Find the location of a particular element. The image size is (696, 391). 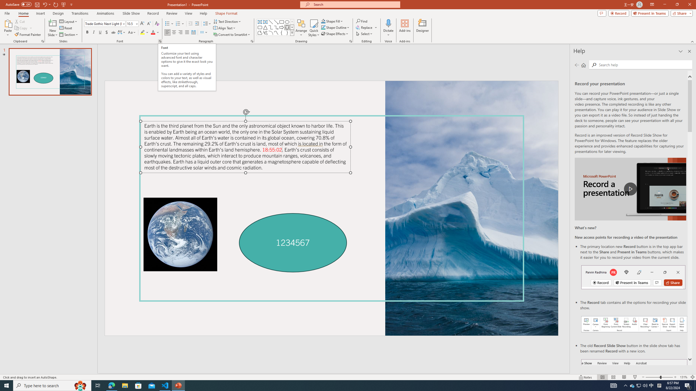

'Bullets' is located at coordinates (169, 24).